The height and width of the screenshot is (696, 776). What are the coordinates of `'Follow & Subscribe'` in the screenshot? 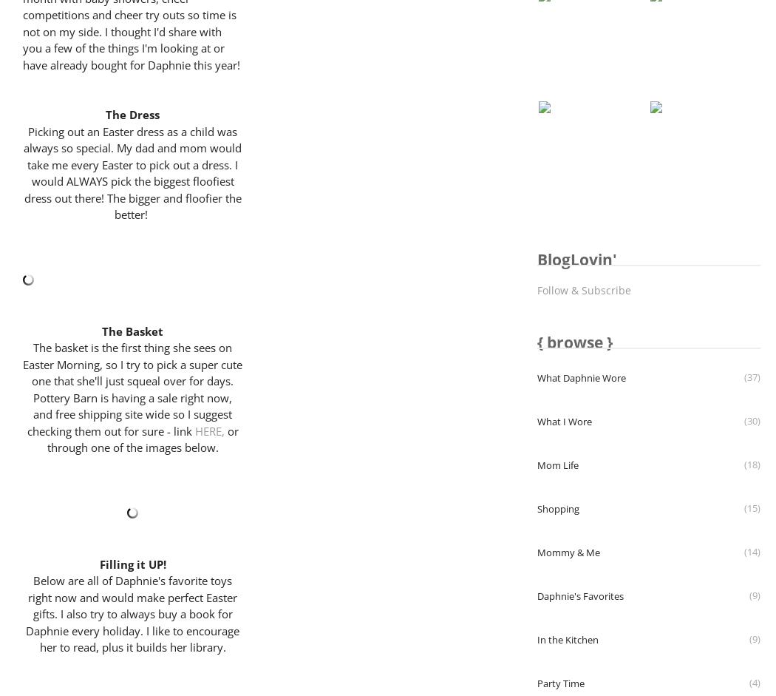 It's located at (582, 288).